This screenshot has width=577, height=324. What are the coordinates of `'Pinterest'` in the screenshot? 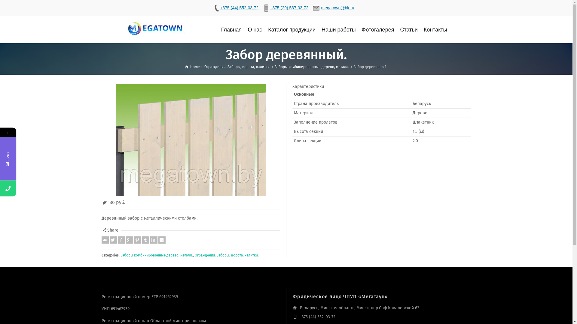 It's located at (137, 239).